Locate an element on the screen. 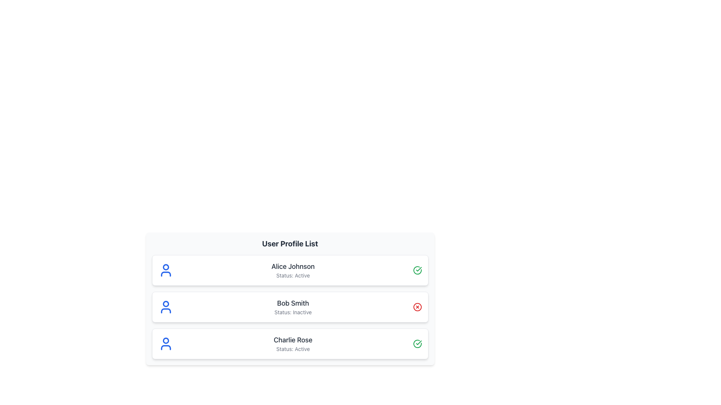 Image resolution: width=721 pixels, height=405 pixels. information displayed in the text content showing 'Bob Smith' and 'Status: Inactive' located in the second user profile card is located at coordinates (293, 307).